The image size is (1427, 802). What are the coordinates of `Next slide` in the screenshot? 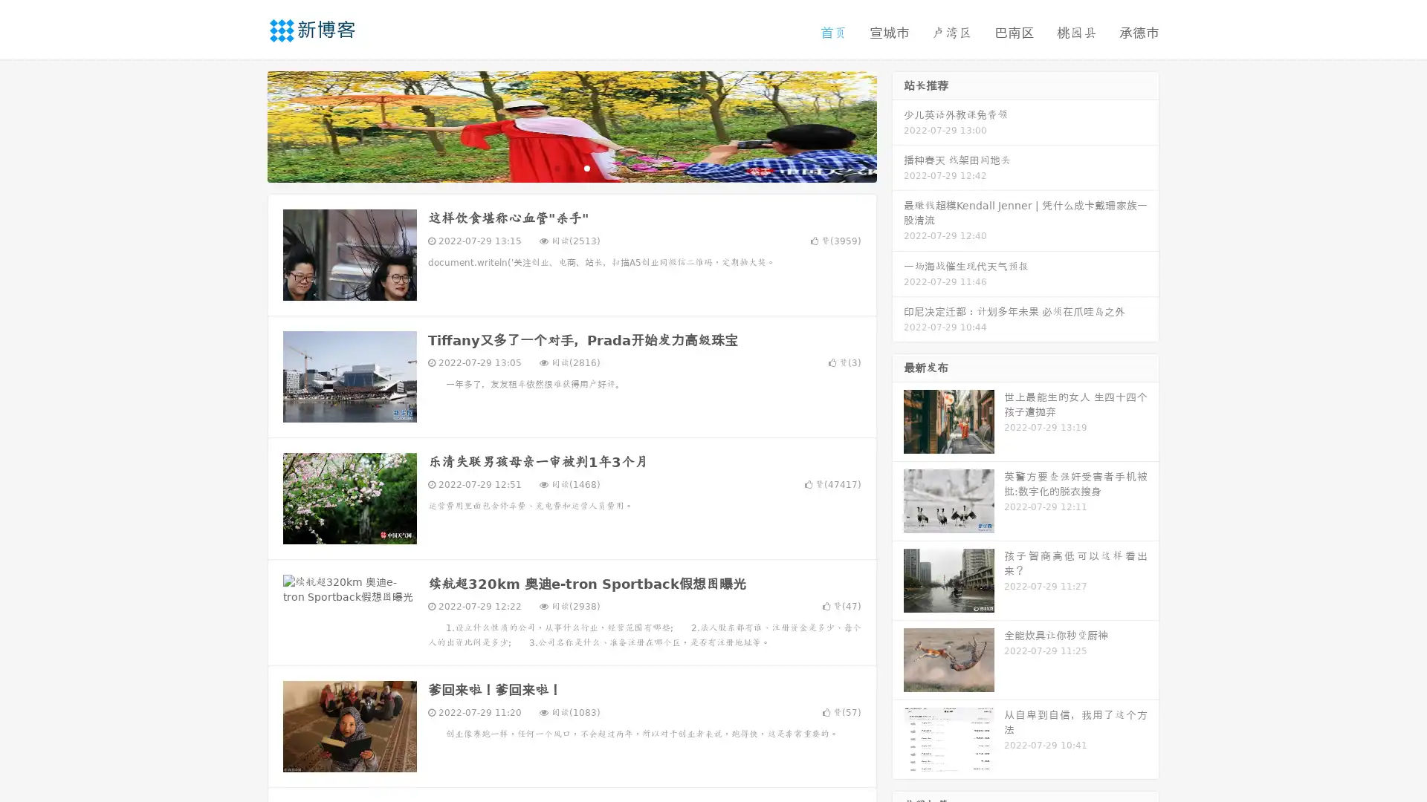 It's located at (898, 125).